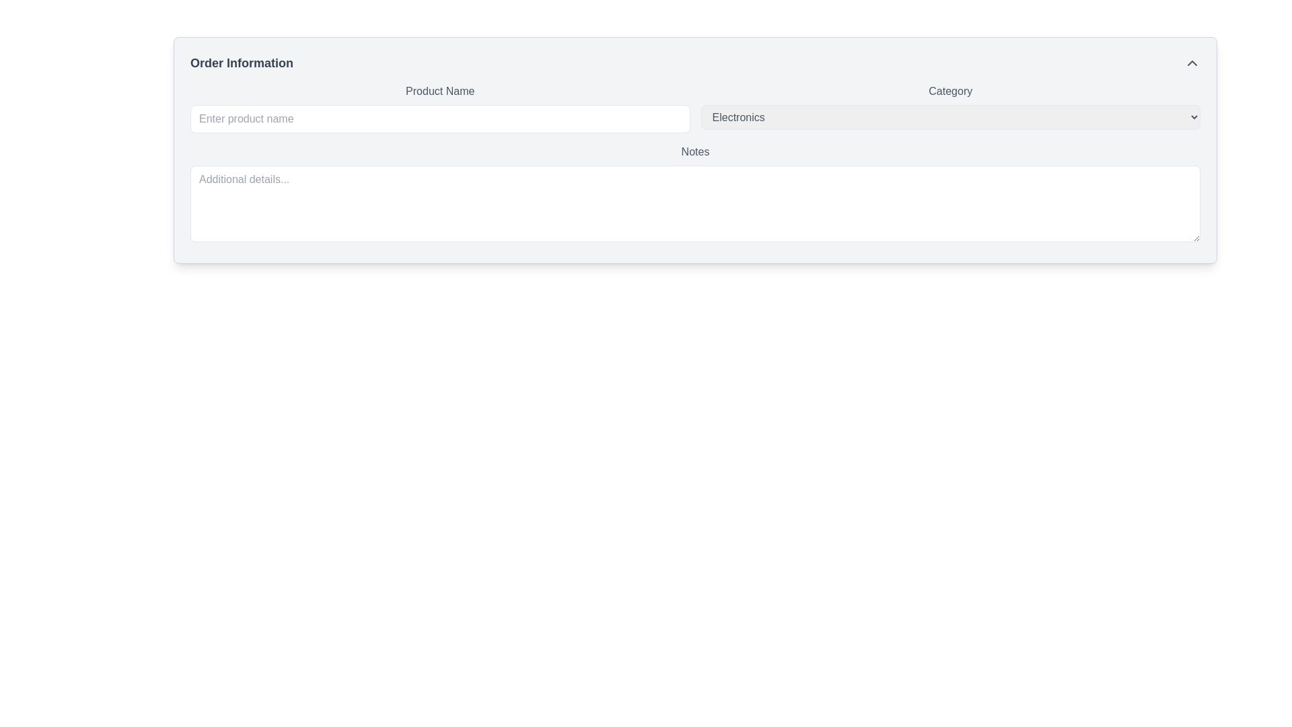  Describe the element at coordinates (949, 108) in the screenshot. I see `the 'Category' dropdown menu in the 'Order Information' section` at that location.